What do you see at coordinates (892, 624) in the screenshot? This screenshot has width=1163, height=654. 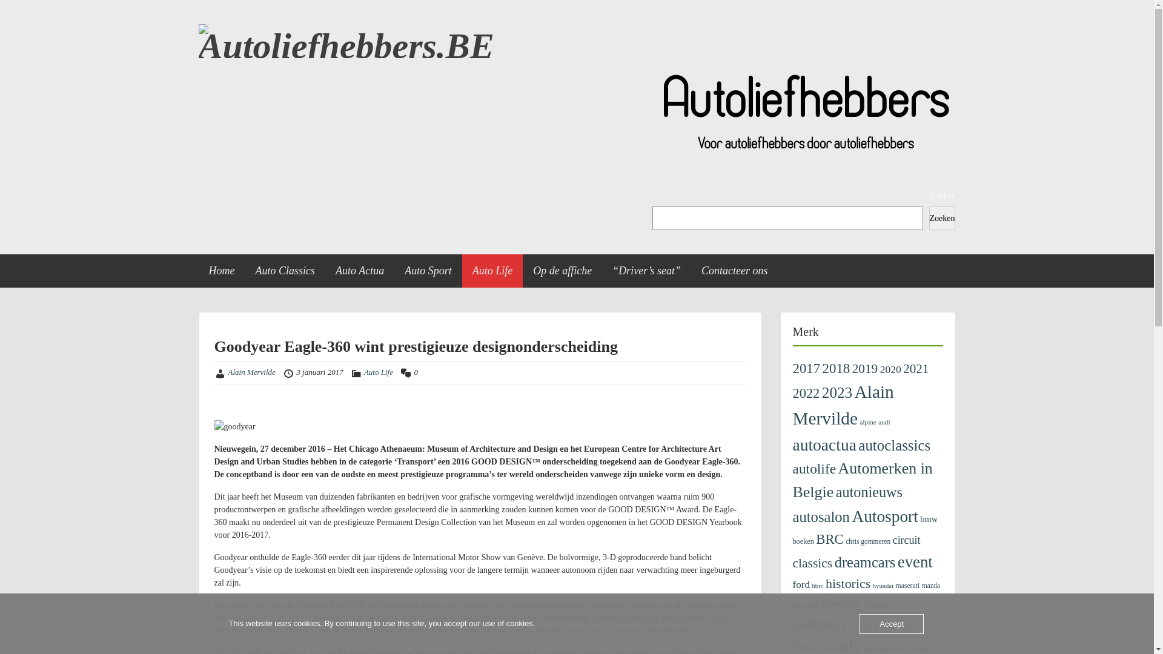 I see `'Accept'` at bounding box center [892, 624].